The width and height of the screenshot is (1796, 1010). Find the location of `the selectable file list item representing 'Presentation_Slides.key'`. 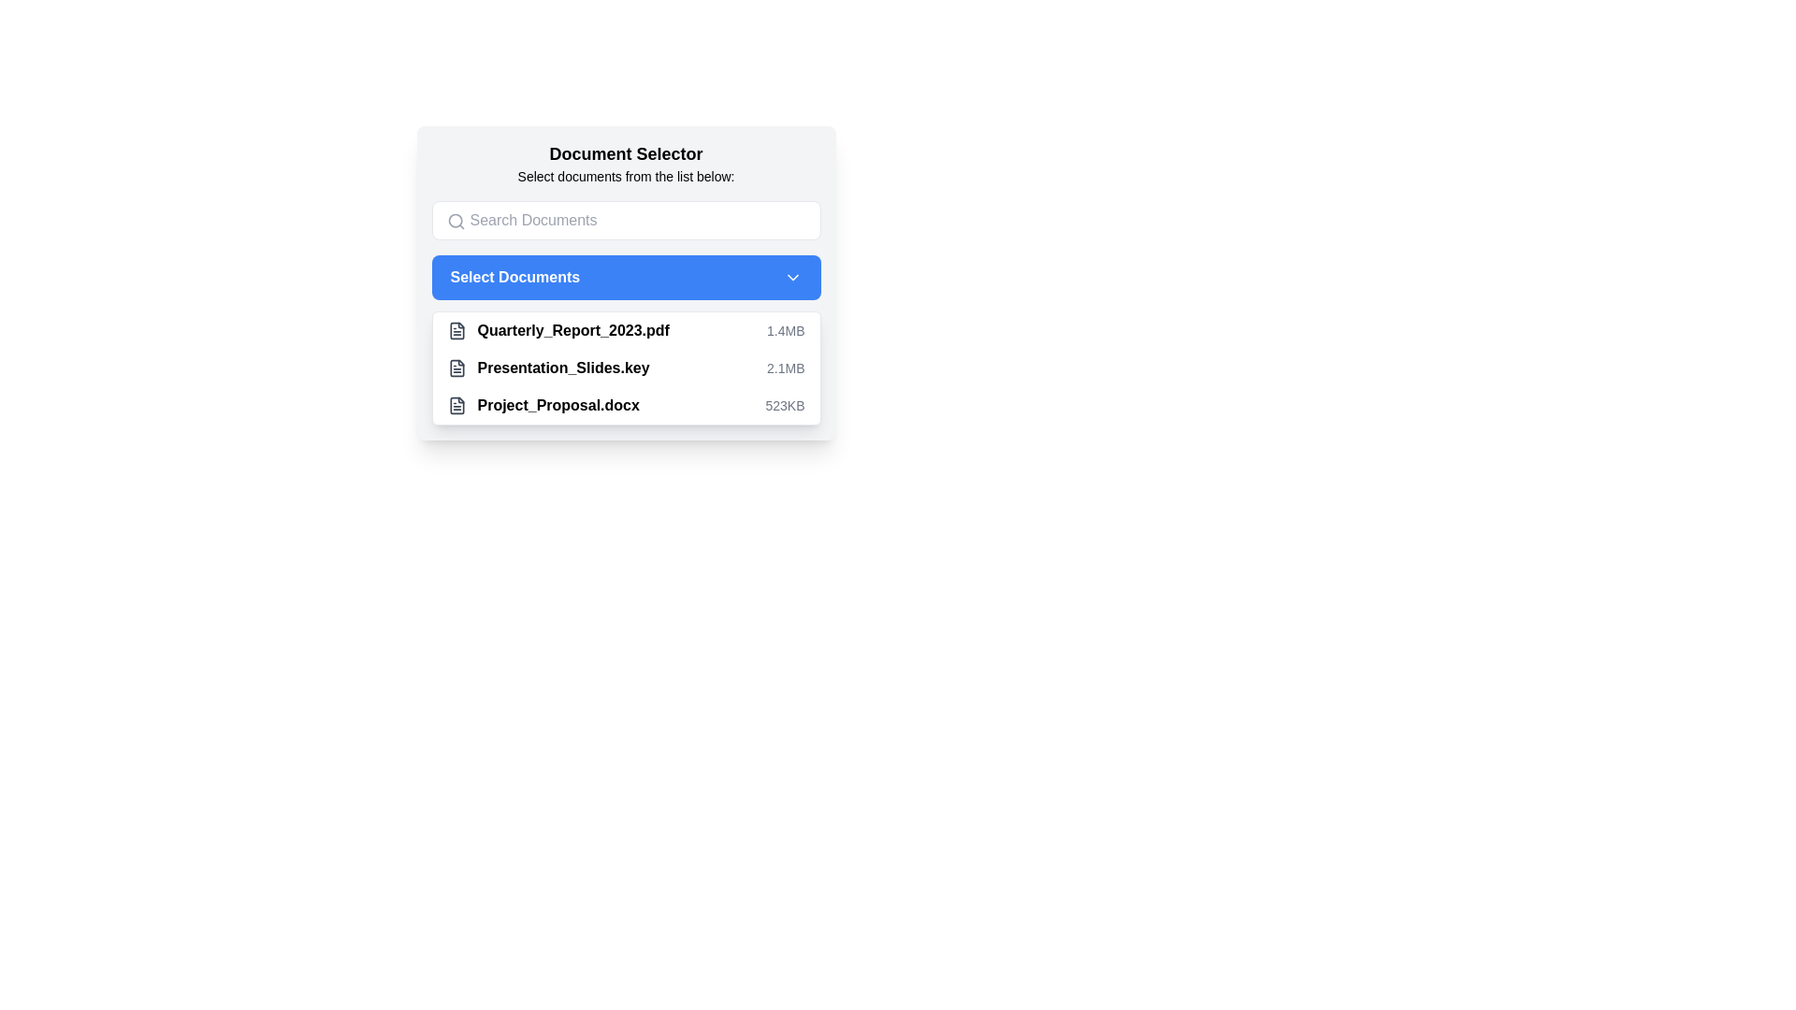

the selectable file list item representing 'Presentation_Slides.key' is located at coordinates (626, 368).